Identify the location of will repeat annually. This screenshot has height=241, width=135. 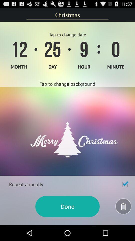
(124, 184).